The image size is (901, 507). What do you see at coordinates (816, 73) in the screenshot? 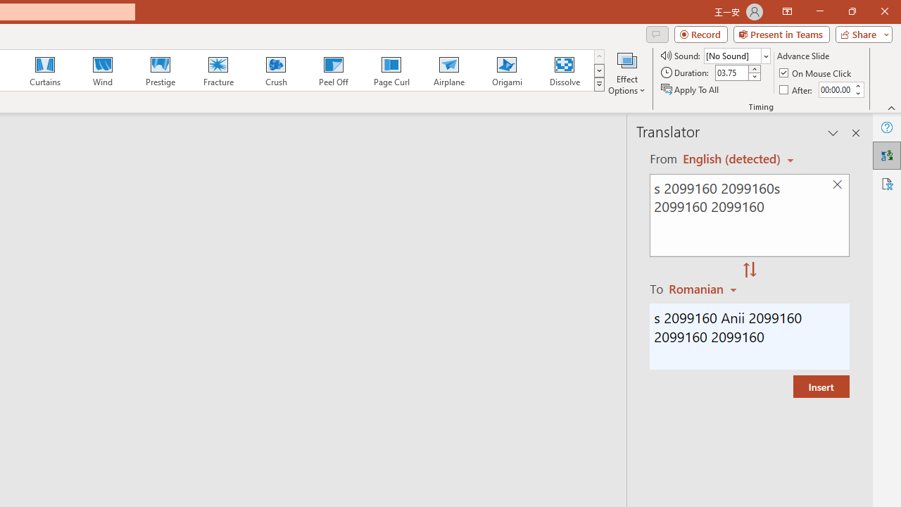
I see `'On Mouse Click'` at bounding box center [816, 73].